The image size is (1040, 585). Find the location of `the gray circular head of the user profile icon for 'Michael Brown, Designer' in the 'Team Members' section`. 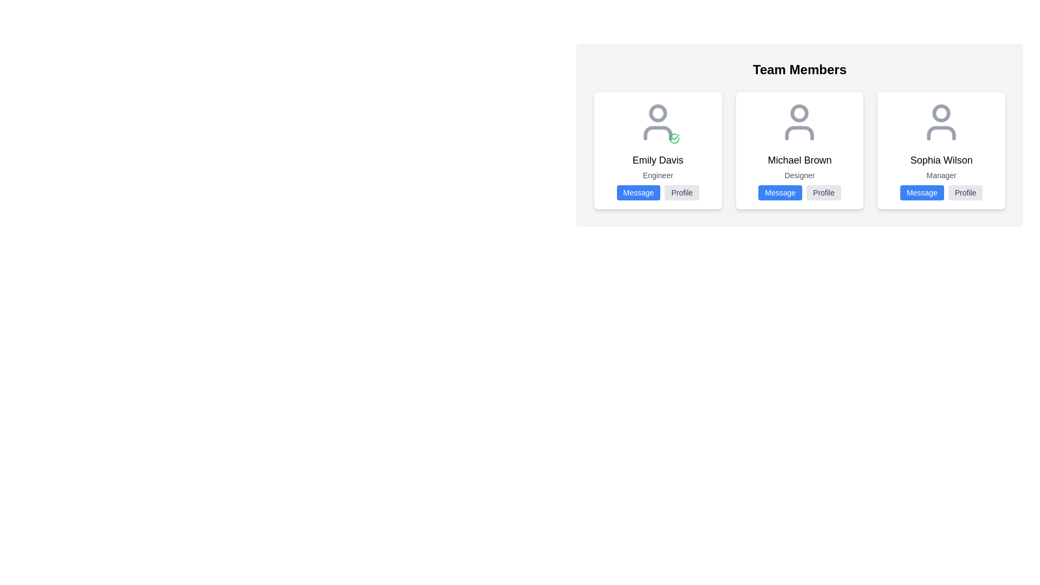

the gray circular head of the user profile icon for 'Michael Brown, Designer' in the 'Team Members' section is located at coordinates (799, 113).